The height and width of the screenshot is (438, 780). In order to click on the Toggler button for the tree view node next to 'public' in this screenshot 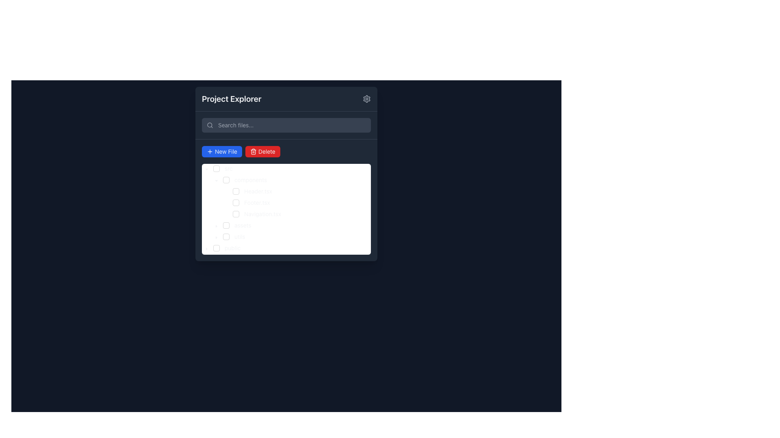, I will do `click(206, 248)`.